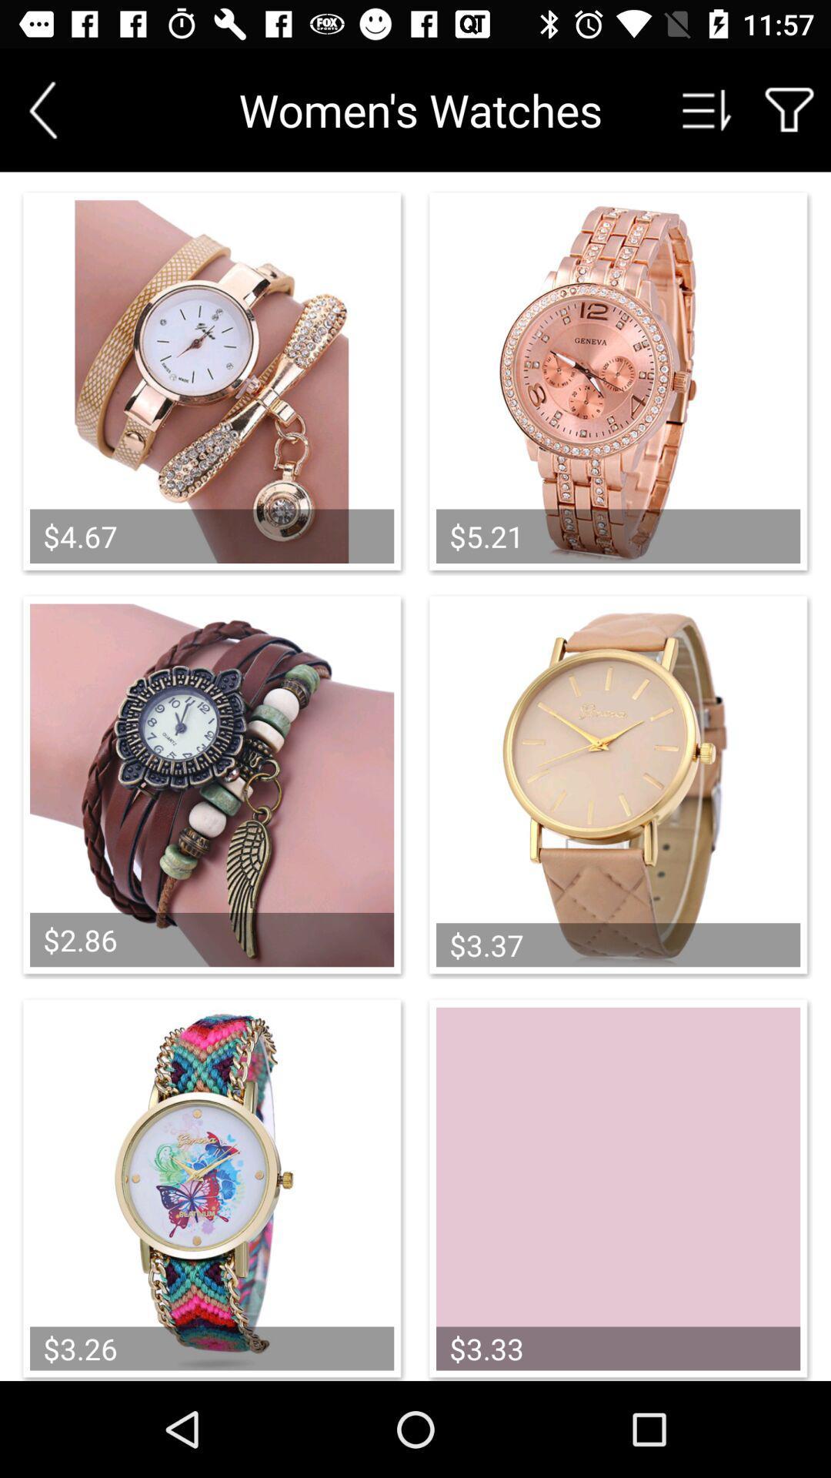 Image resolution: width=831 pixels, height=1478 pixels. What do you see at coordinates (707, 109) in the screenshot?
I see `the filter_list icon` at bounding box center [707, 109].